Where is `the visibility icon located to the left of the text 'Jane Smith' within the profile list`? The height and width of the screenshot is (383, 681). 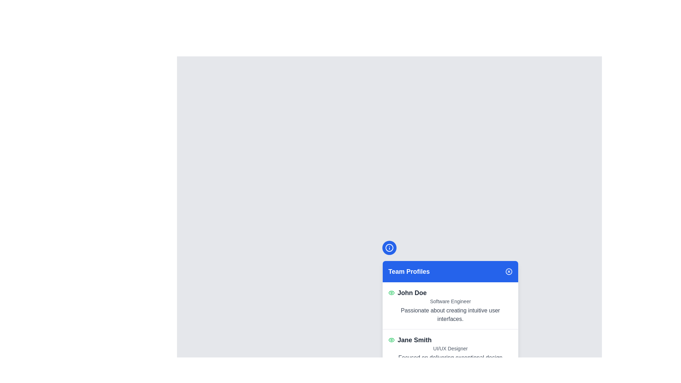
the visibility icon located to the left of the text 'Jane Smith' within the profile list is located at coordinates (391, 340).